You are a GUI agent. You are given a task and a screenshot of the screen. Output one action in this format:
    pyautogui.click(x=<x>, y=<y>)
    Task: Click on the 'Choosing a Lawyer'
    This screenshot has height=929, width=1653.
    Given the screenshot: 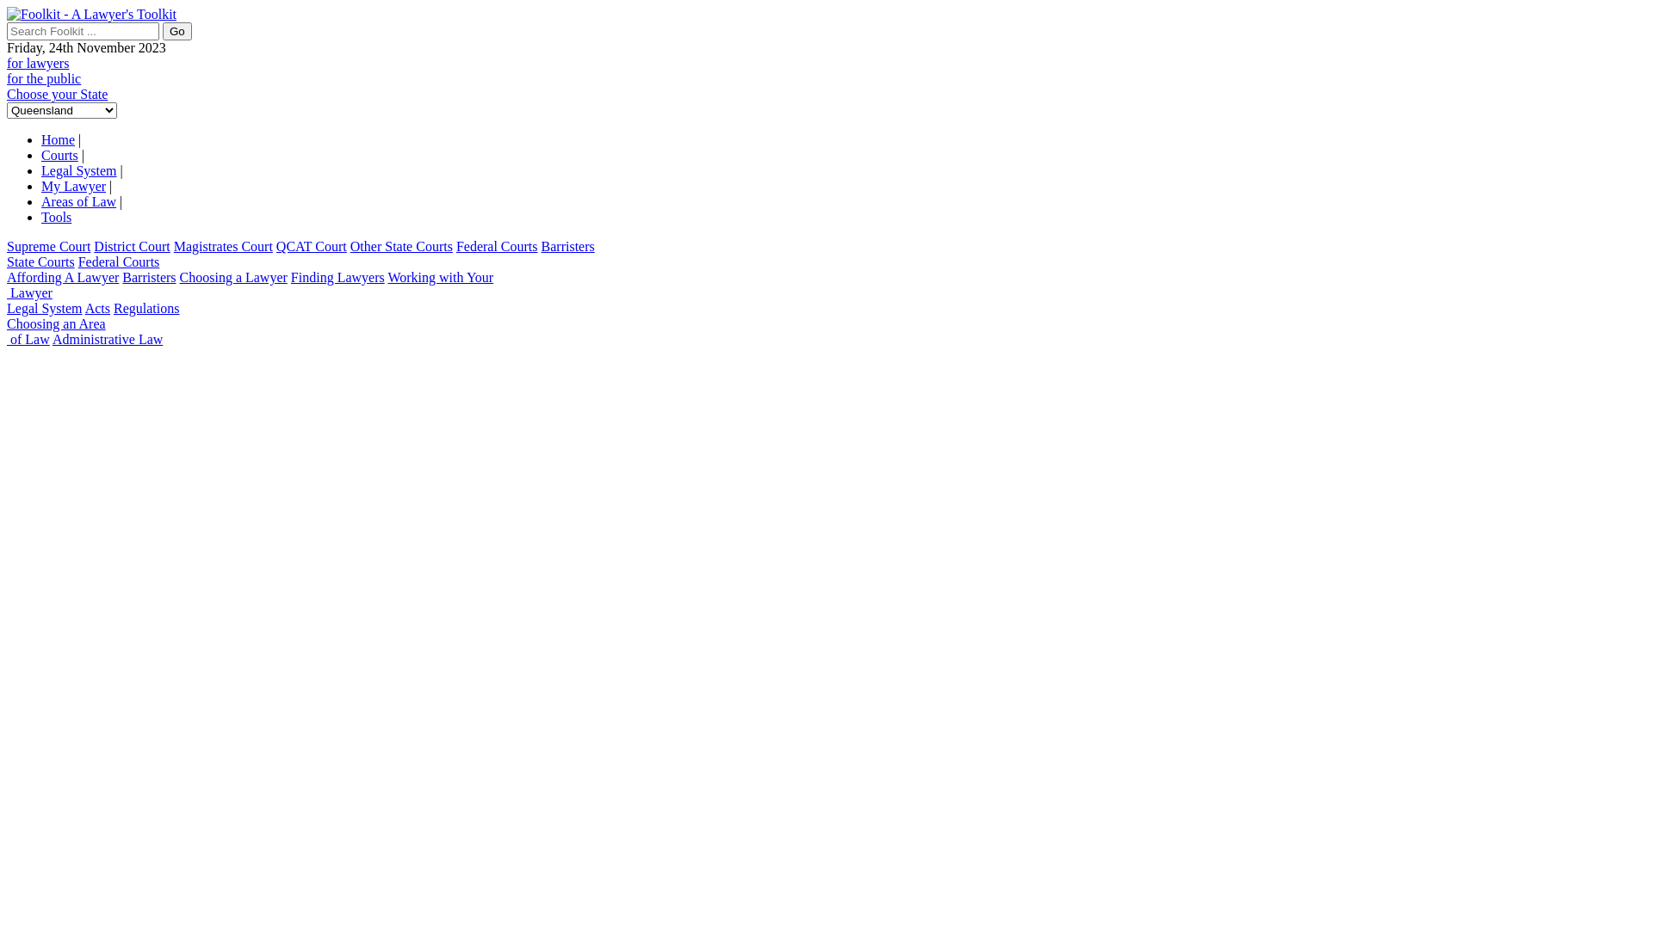 What is the action you would take?
    pyautogui.click(x=180, y=276)
    